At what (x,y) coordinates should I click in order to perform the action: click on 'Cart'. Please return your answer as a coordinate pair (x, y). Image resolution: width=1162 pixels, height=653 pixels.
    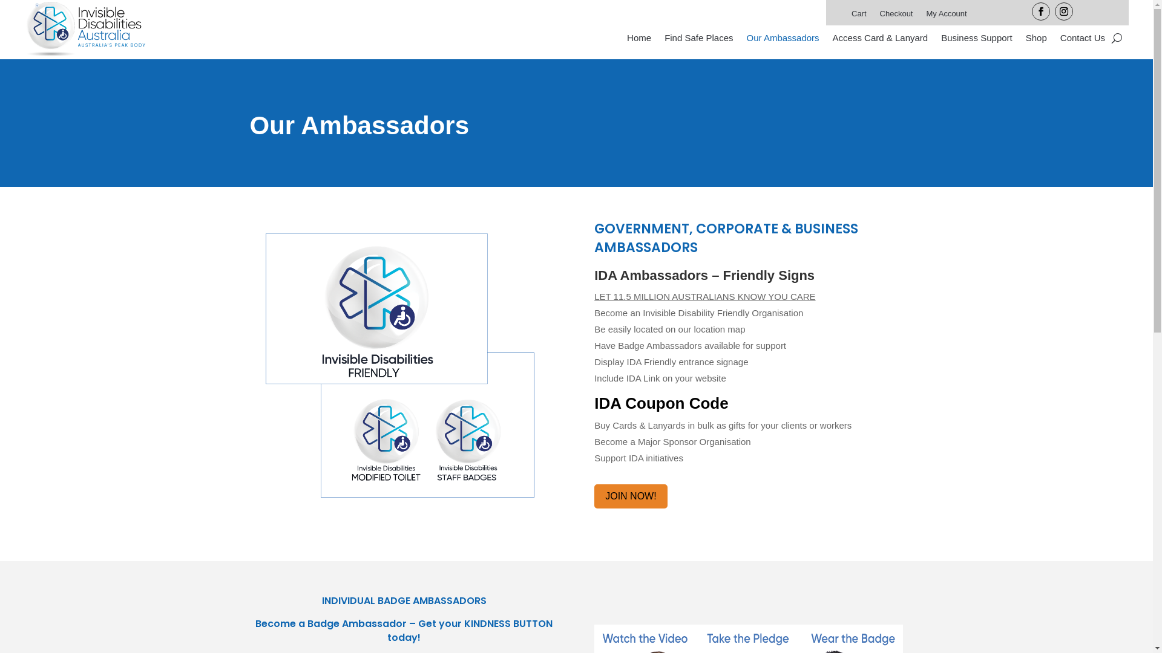
    Looking at the image, I should click on (858, 16).